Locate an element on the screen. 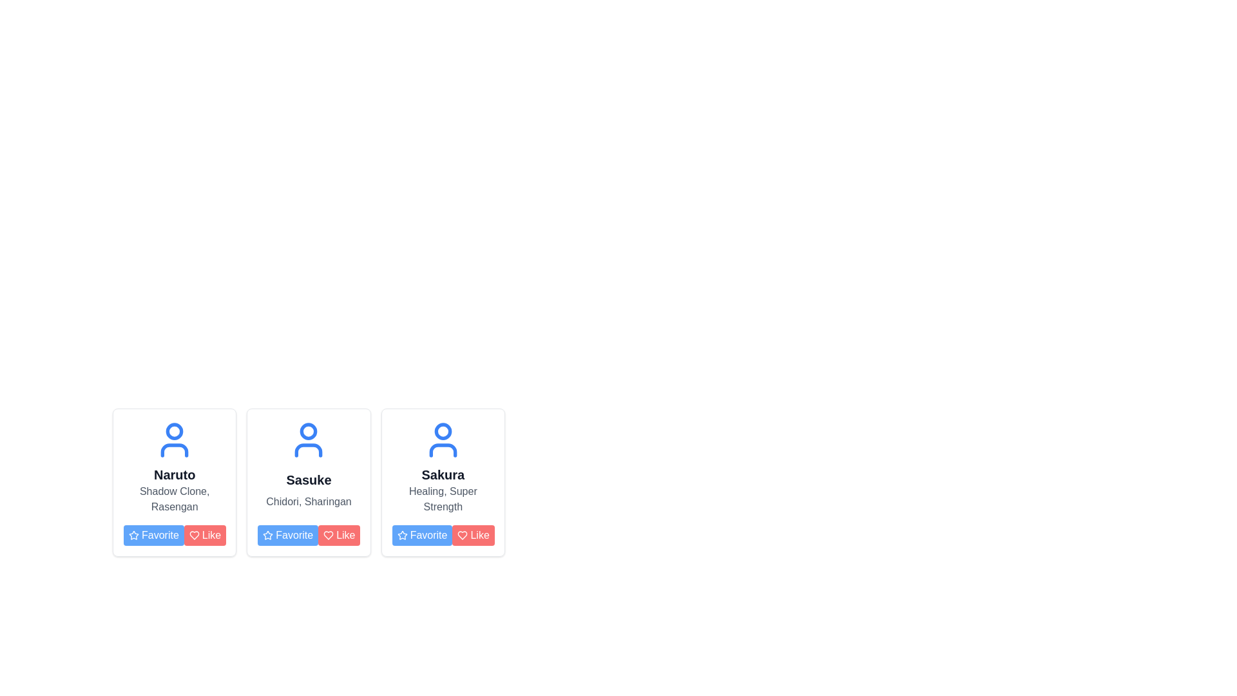 Image resolution: width=1237 pixels, height=696 pixels. descriptive text label related to the character 'Naruto', which is positioned beneath the title 'Naruto' and above the buttons 'Favorite' and 'Like' is located at coordinates (174, 499).